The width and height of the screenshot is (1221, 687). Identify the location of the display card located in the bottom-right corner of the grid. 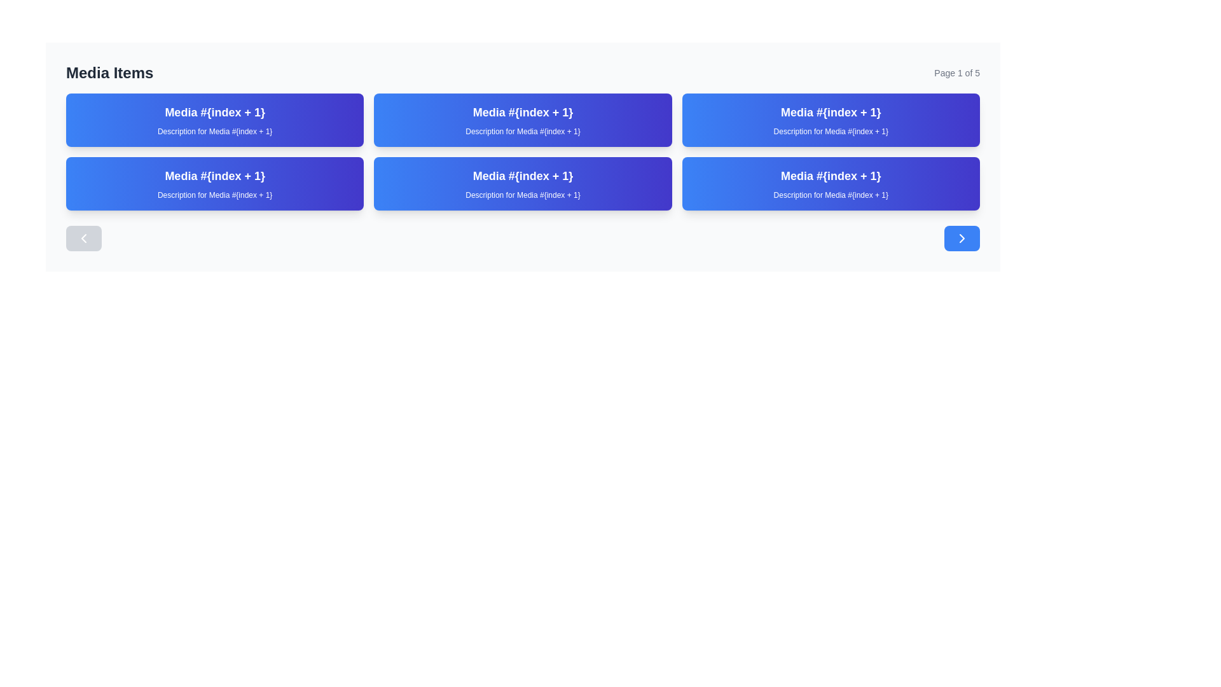
(831, 184).